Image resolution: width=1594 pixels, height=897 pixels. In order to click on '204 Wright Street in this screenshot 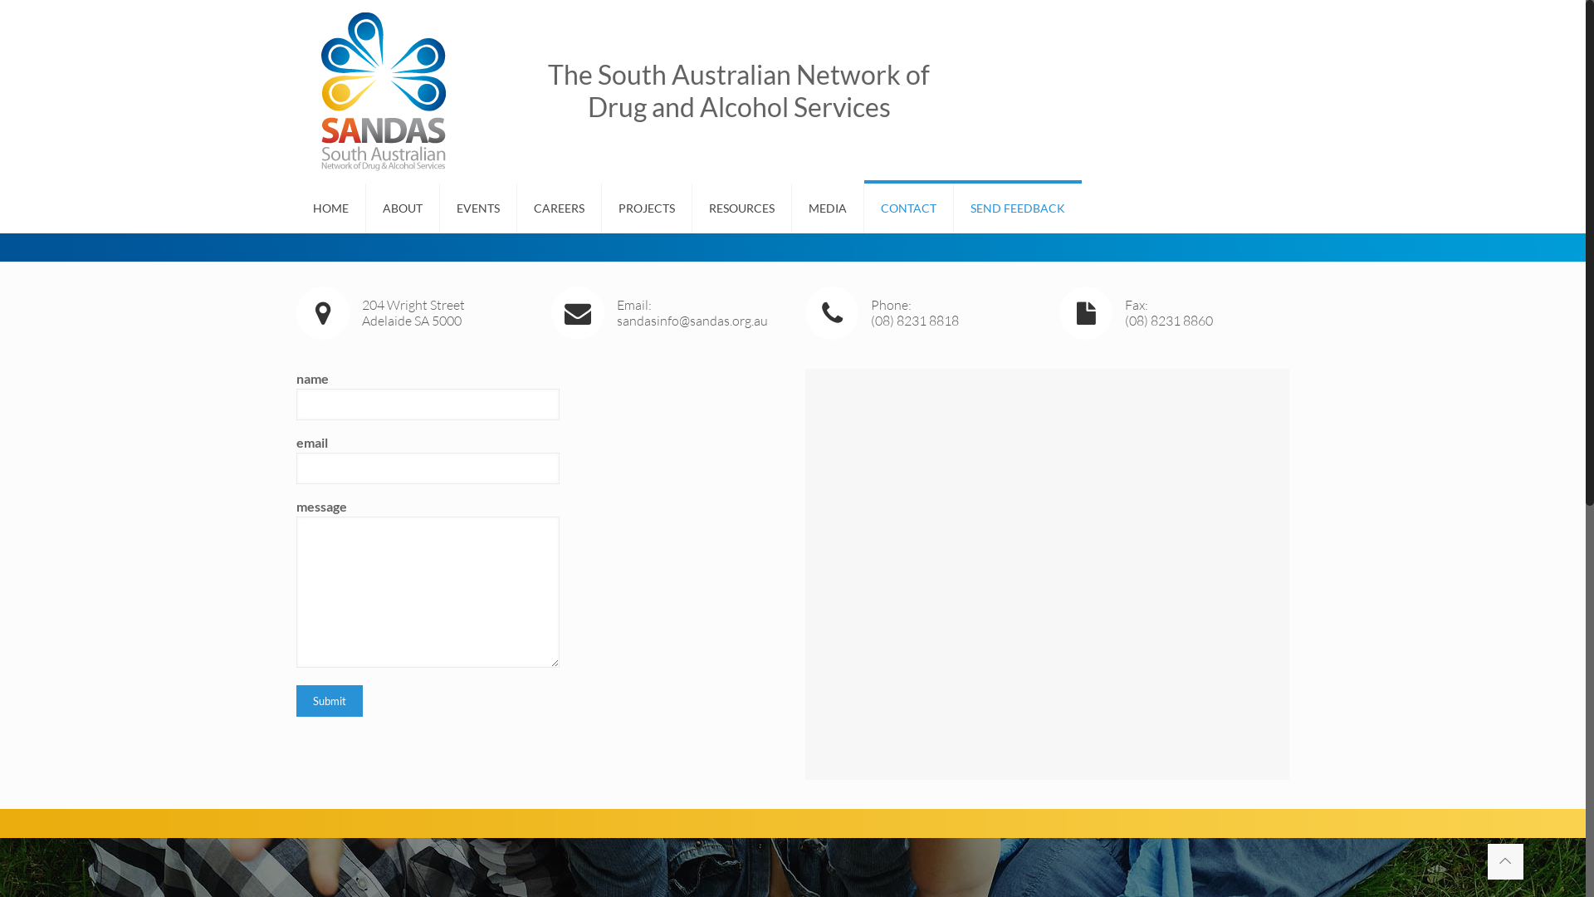, I will do `click(410, 313)`.